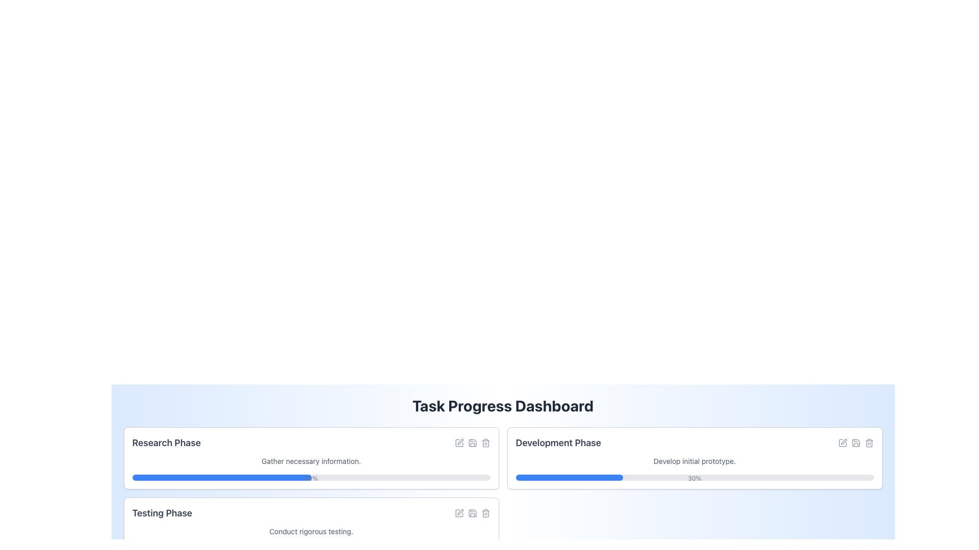 The image size is (979, 550). I want to click on the 'Research Phase' text label in the Task Progress Dashboard, which is styled in bold dark gray and located at the top-left of its card, so click(166, 443).